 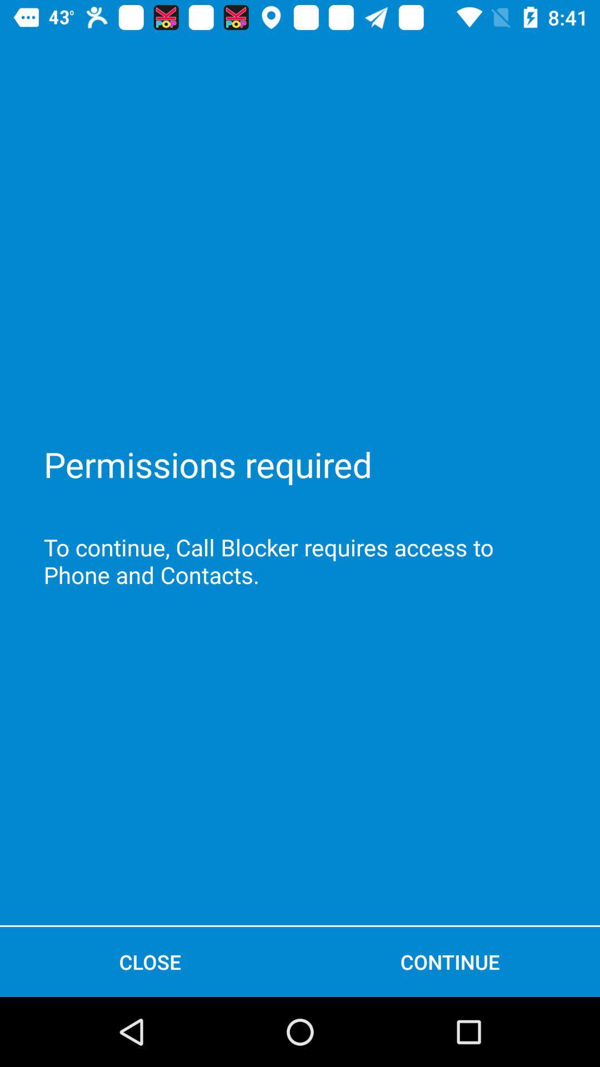 I want to click on the close at the bottom left corner, so click(x=150, y=961).